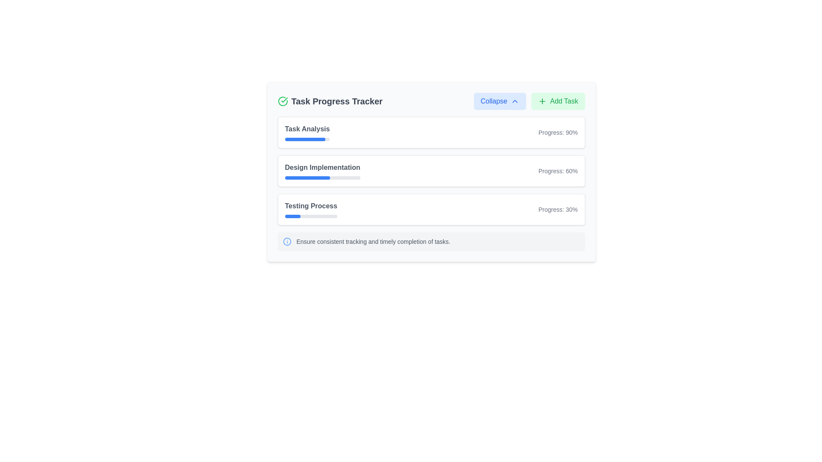 The image size is (822, 462). Describe the element at coordinates (310, 216) in the screenshot. I see `the third progress bar indicating the 'Testing Process' task, located below its label` at that location.